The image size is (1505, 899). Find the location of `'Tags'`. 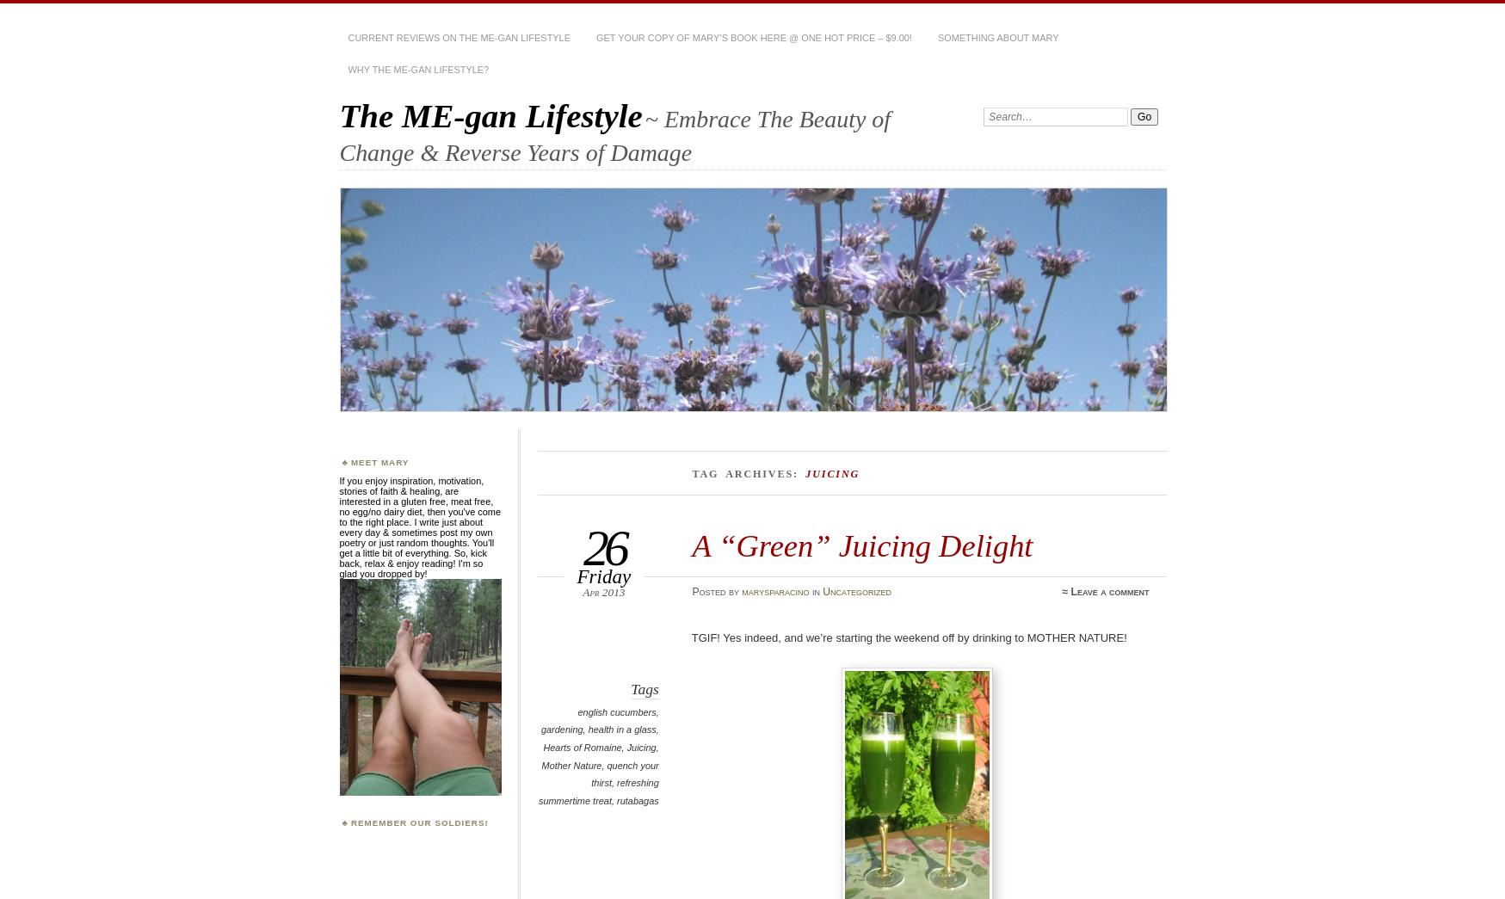

'Tags' is located at coordinates (644, 688).